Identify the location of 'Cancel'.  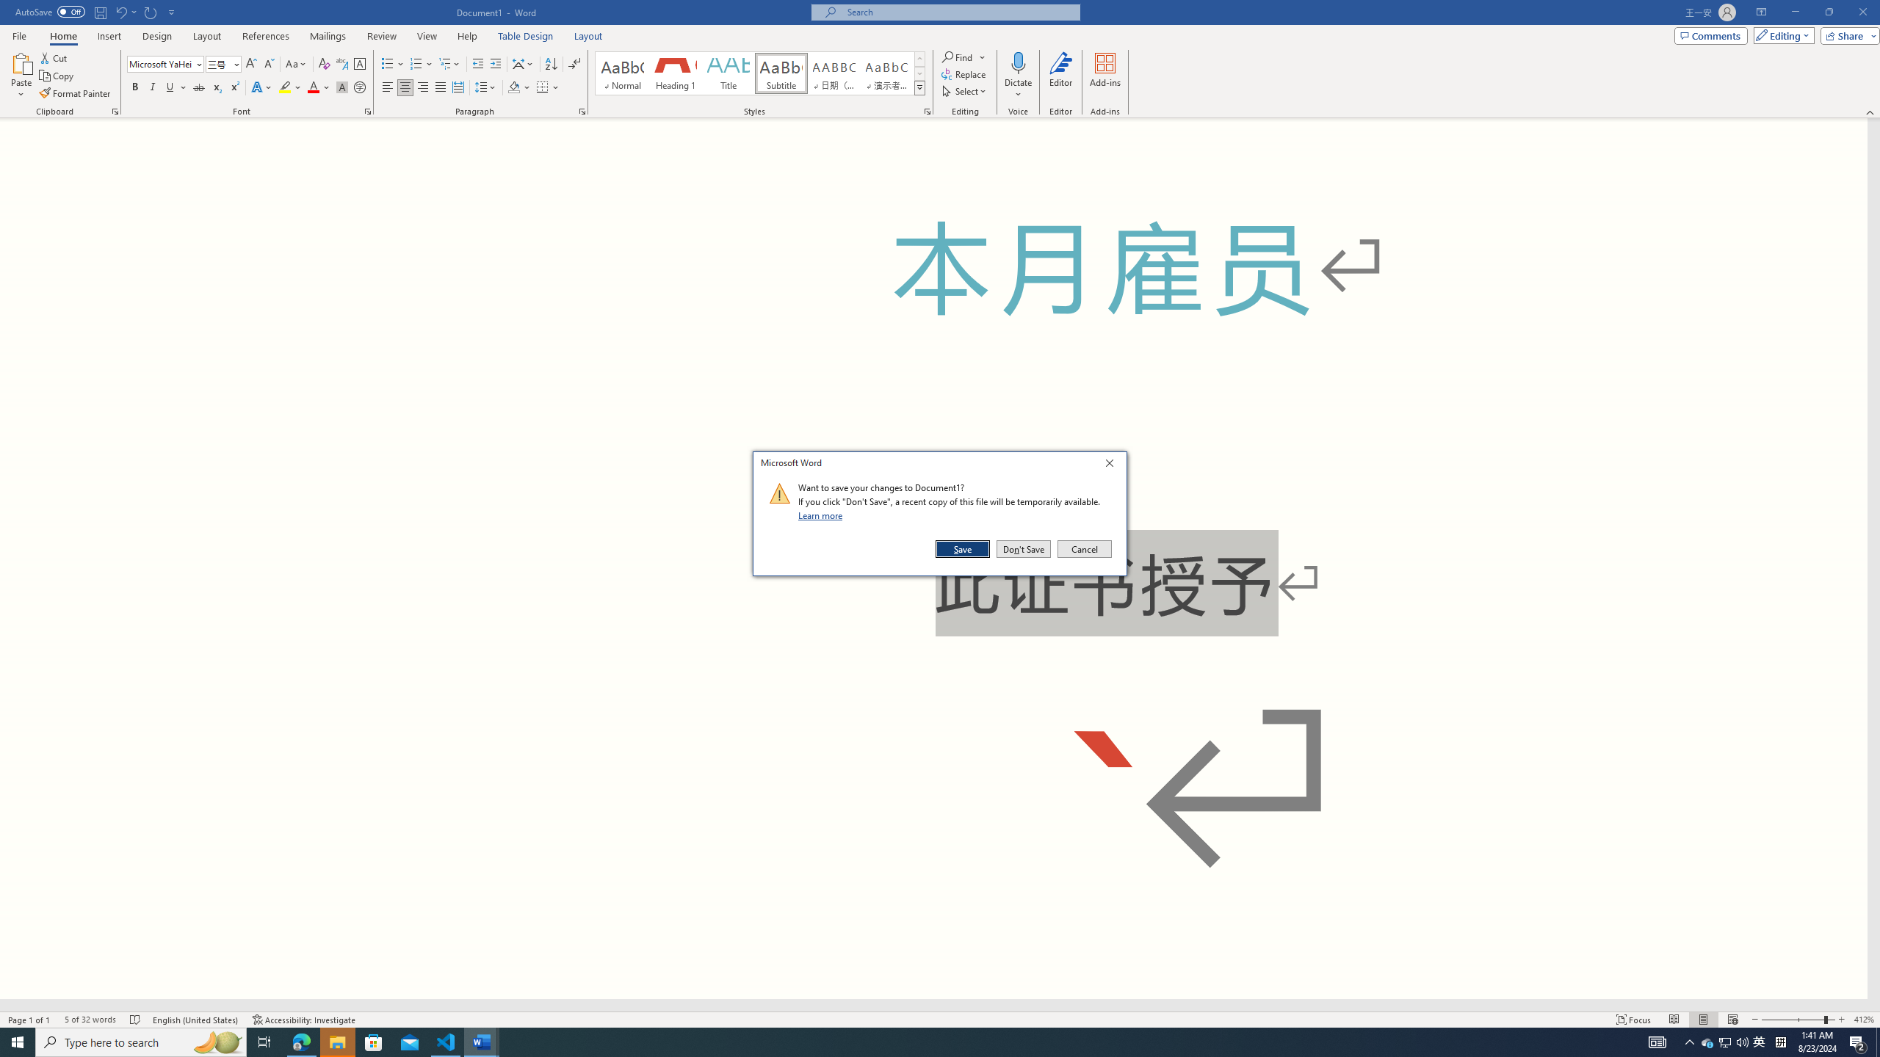
(1083, 548).